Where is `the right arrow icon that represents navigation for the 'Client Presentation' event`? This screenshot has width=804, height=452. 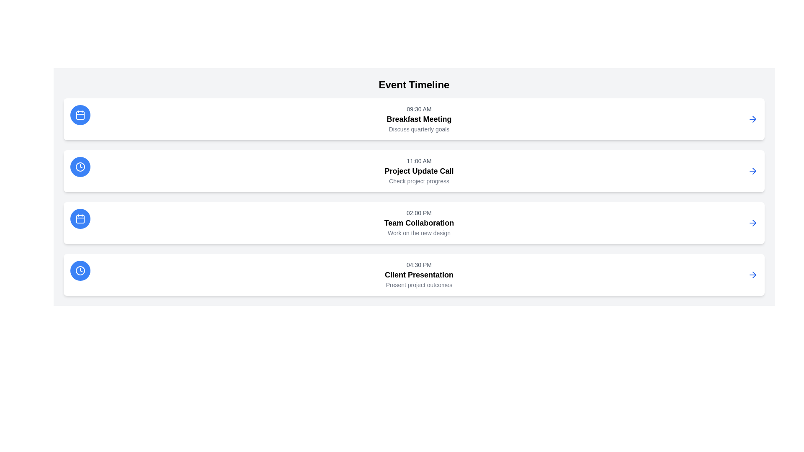
the right arrow icon that represents navigation for the 'Client Presentation' event is located at coordinates (753, 275).